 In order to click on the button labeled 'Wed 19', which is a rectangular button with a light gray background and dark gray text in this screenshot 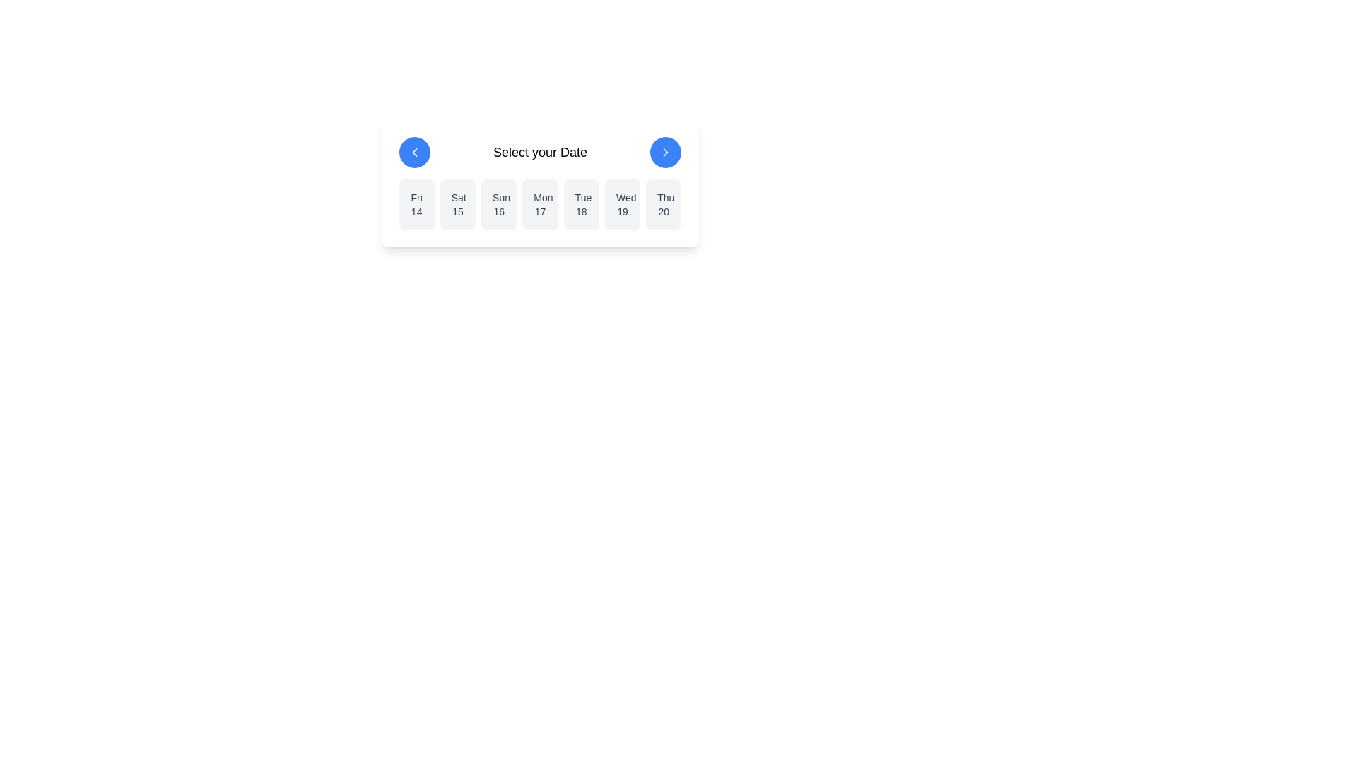, I will do `click(622, 204)`.